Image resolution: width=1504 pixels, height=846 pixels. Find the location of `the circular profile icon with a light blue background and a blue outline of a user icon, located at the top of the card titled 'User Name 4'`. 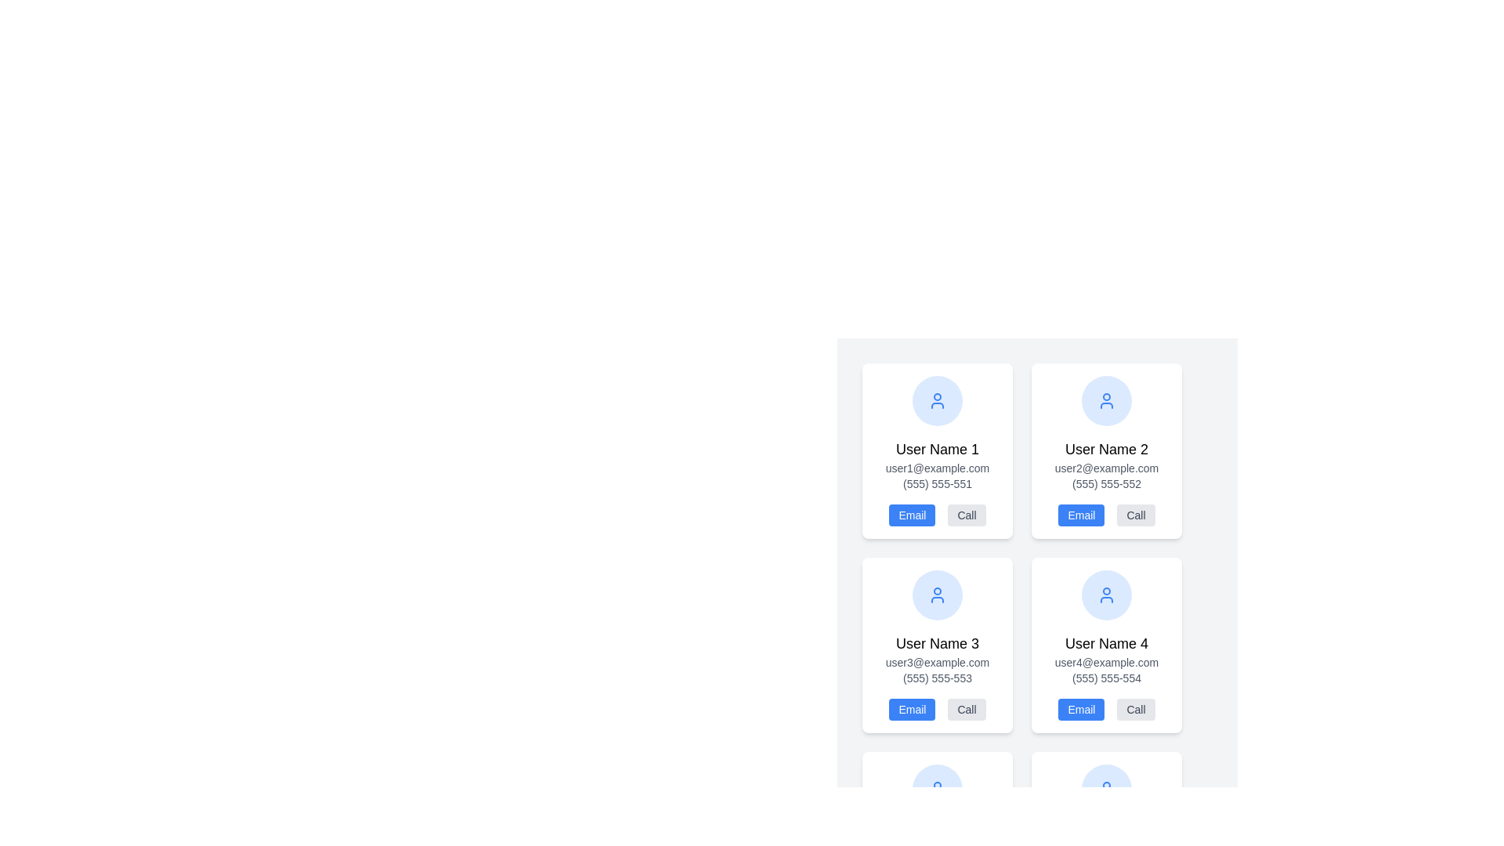

the circular profile icon with a light blue background and a blue outline of a user icon, located at the top of the card titled 'User Name 4' is located at coordinates (1105, 595).